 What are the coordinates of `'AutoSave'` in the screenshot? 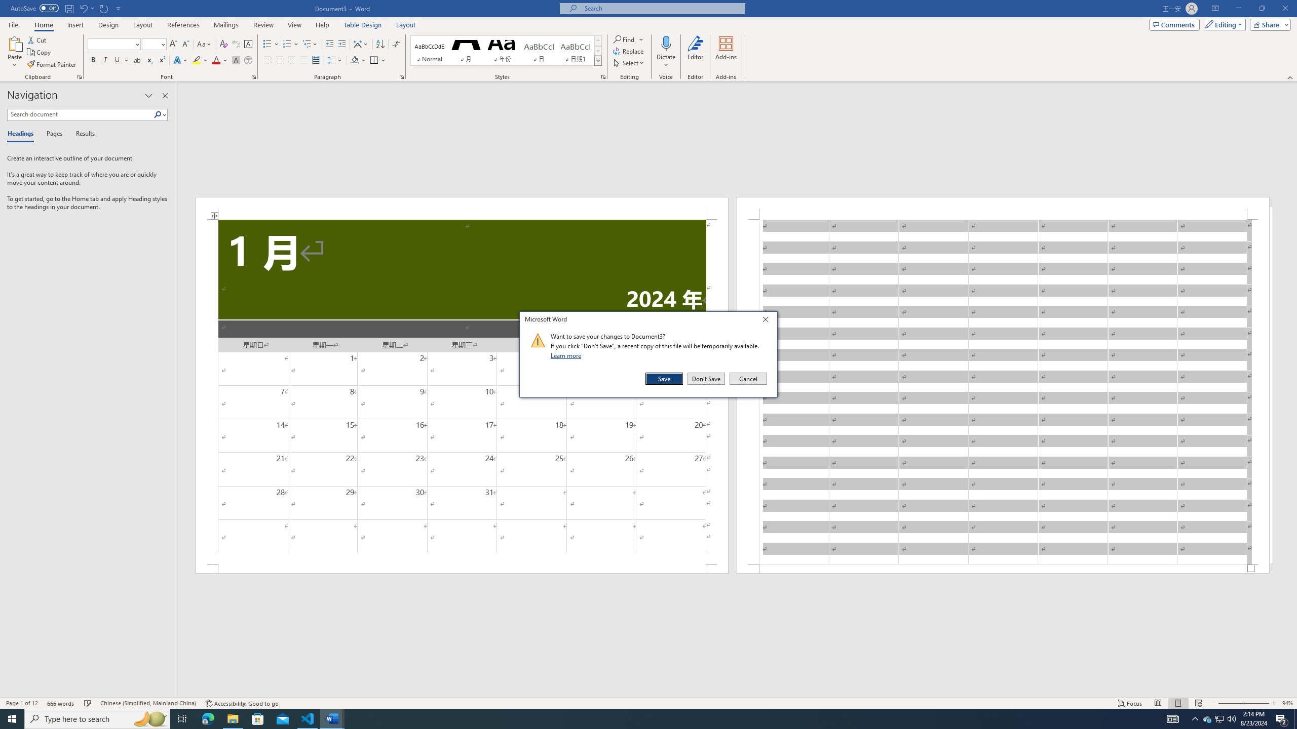 It's located at (35, 8).